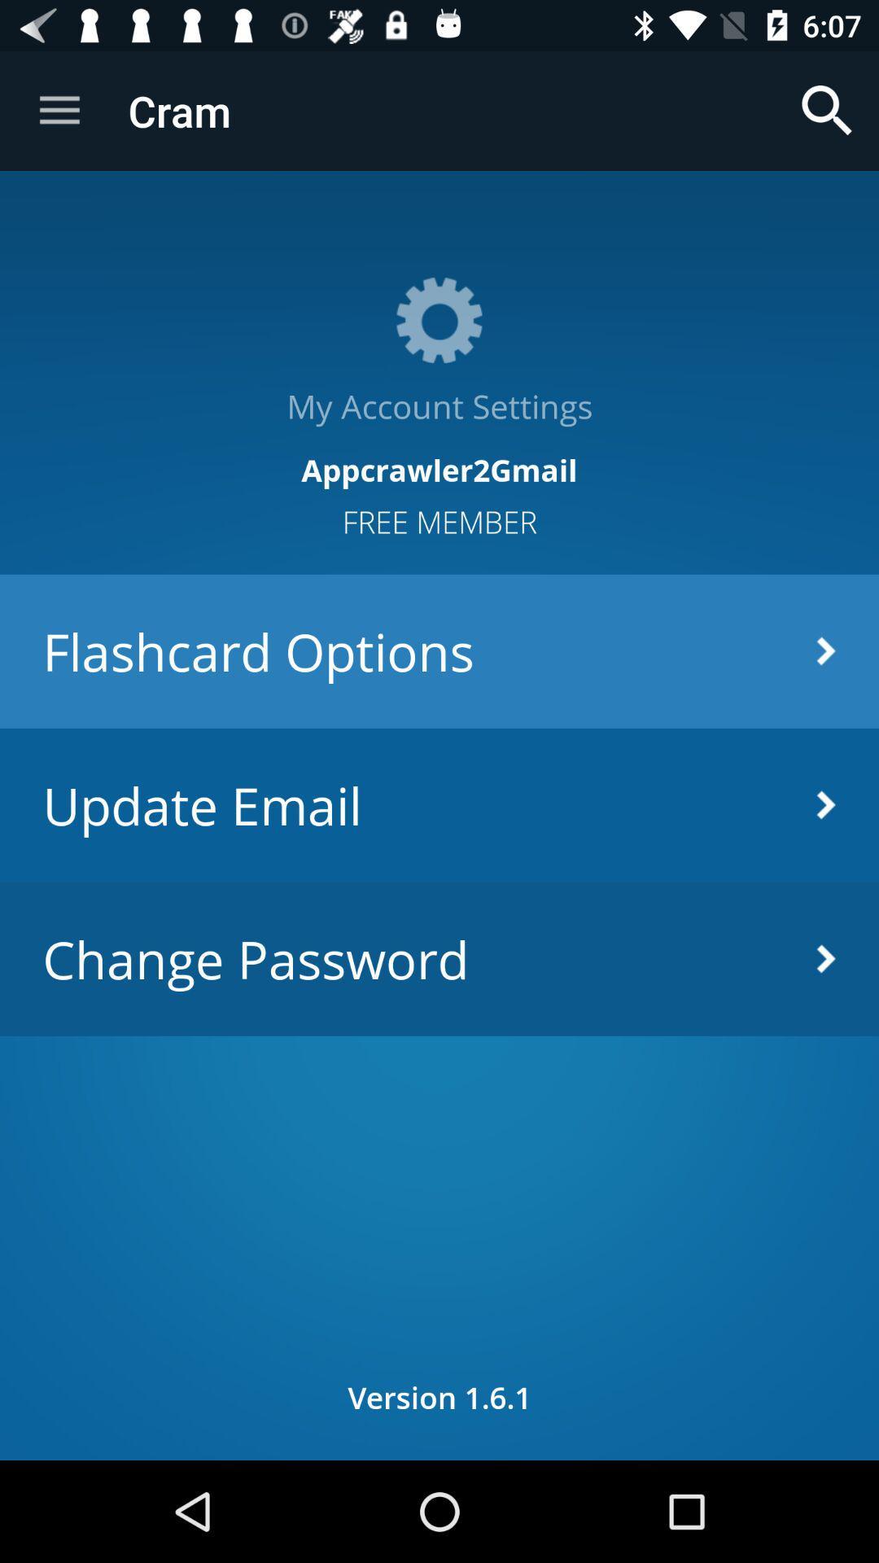 The width and height of the screenshot is (879, 1563). What do you see at coordinates (59, 110) in the screenshot?
I see `item next to the cram icon` at bounding box center [59, 110].